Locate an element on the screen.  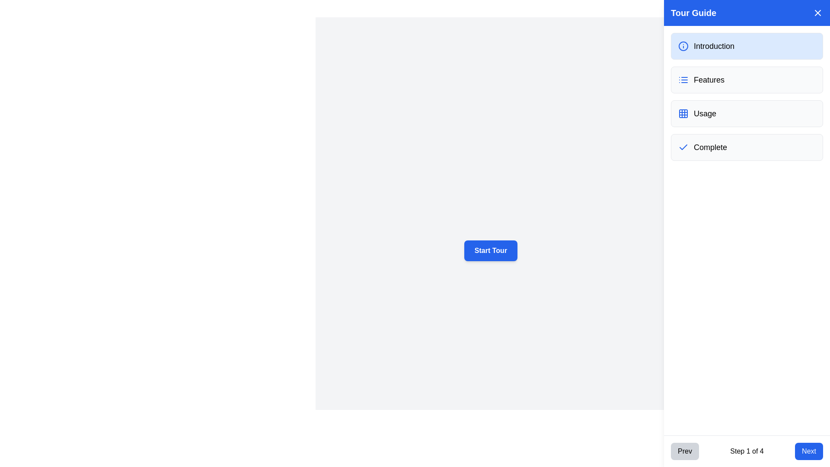
the informational icon located to the left of the 'Introduction' text label in the 'Tour Guide' menu is located at coordinates (683, 46).